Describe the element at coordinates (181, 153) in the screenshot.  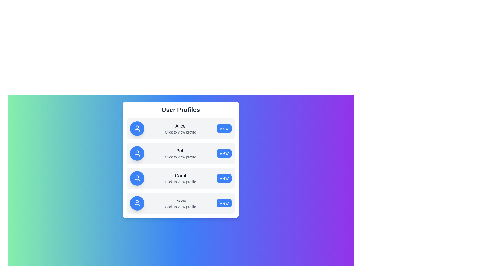
I see `the user profile card for 'Bob' using keyboard navigation to view the profile, which is the second item in the list of user profiles` at that location.